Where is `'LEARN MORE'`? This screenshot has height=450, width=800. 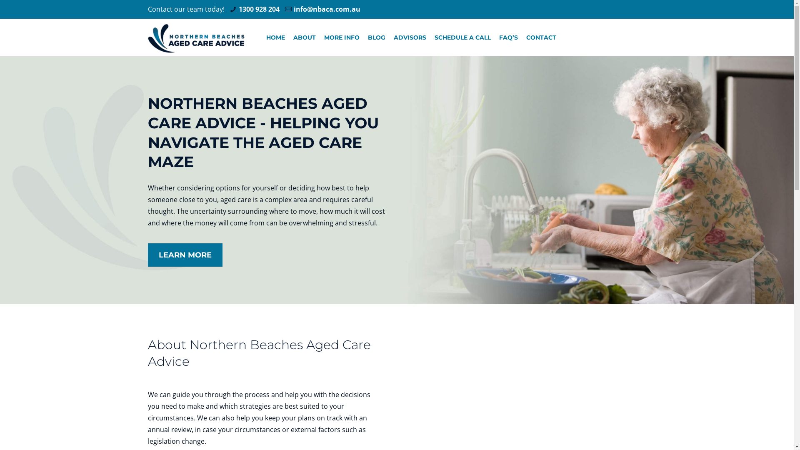 'LEARN MORE' is located at coordinates (185, 255).